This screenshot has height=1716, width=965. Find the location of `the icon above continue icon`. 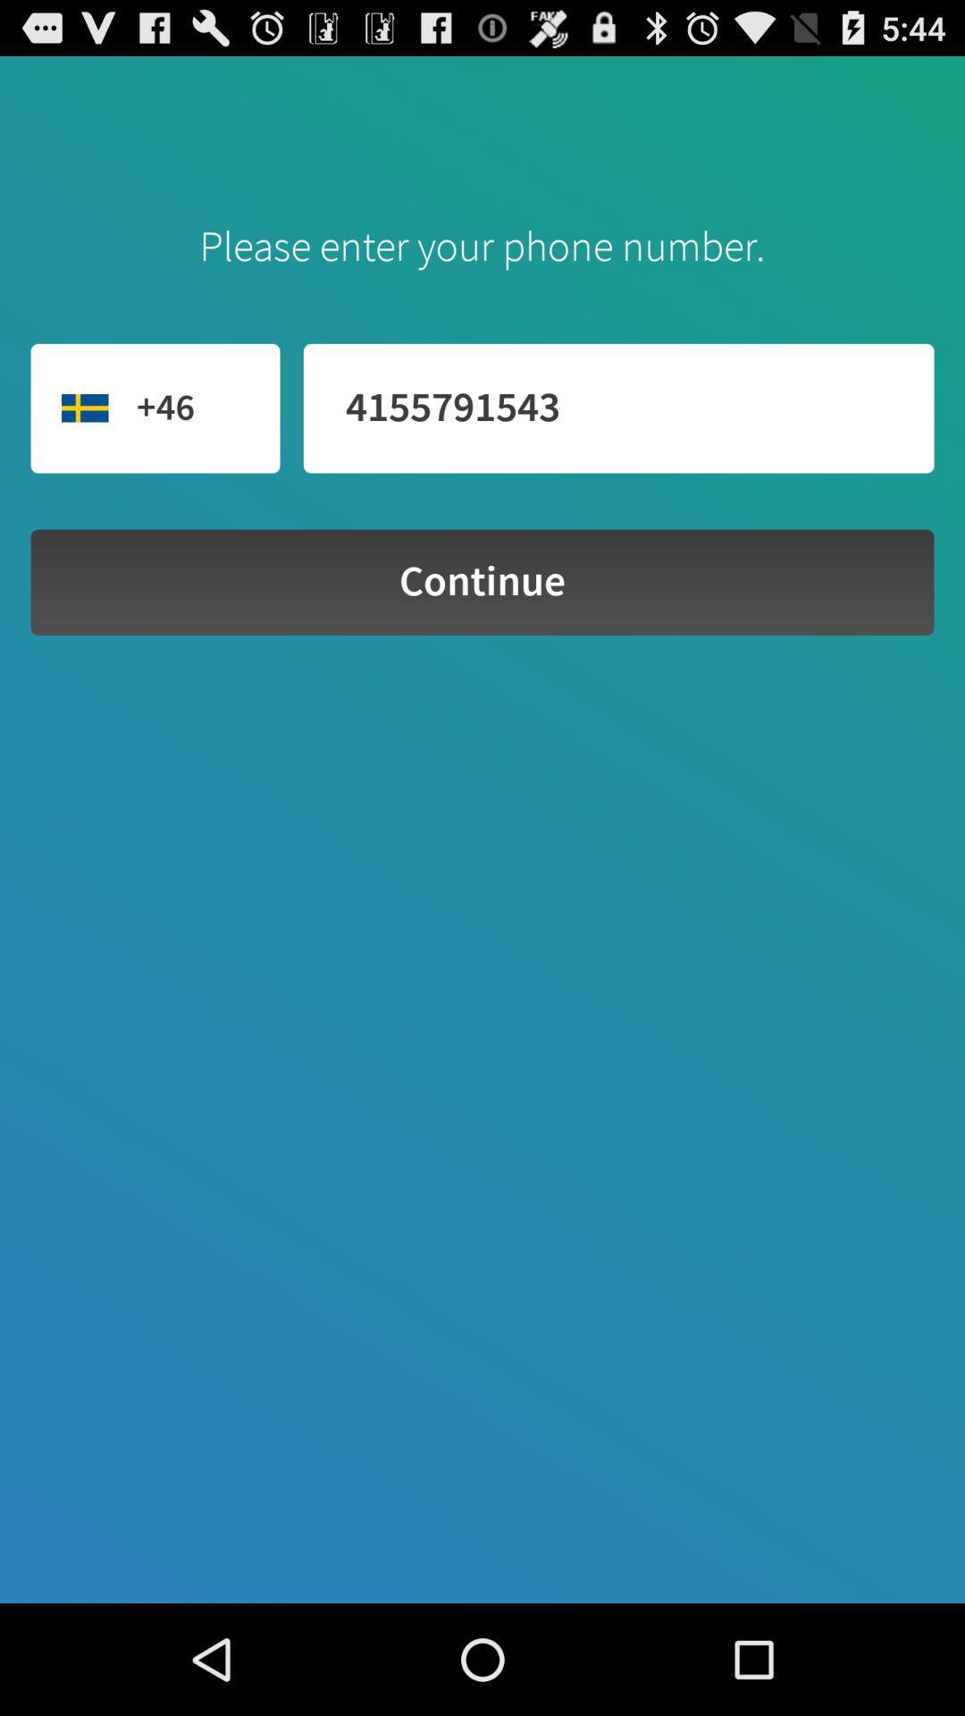

the icon above continue icon is located at coordinates (617, 408).